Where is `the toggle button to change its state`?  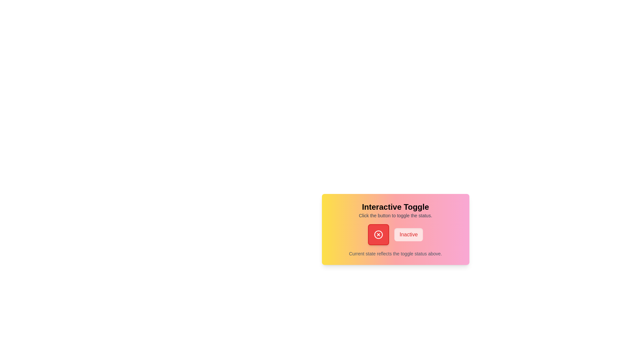
the toggle button to change its state is located at coordinates (378, 234).